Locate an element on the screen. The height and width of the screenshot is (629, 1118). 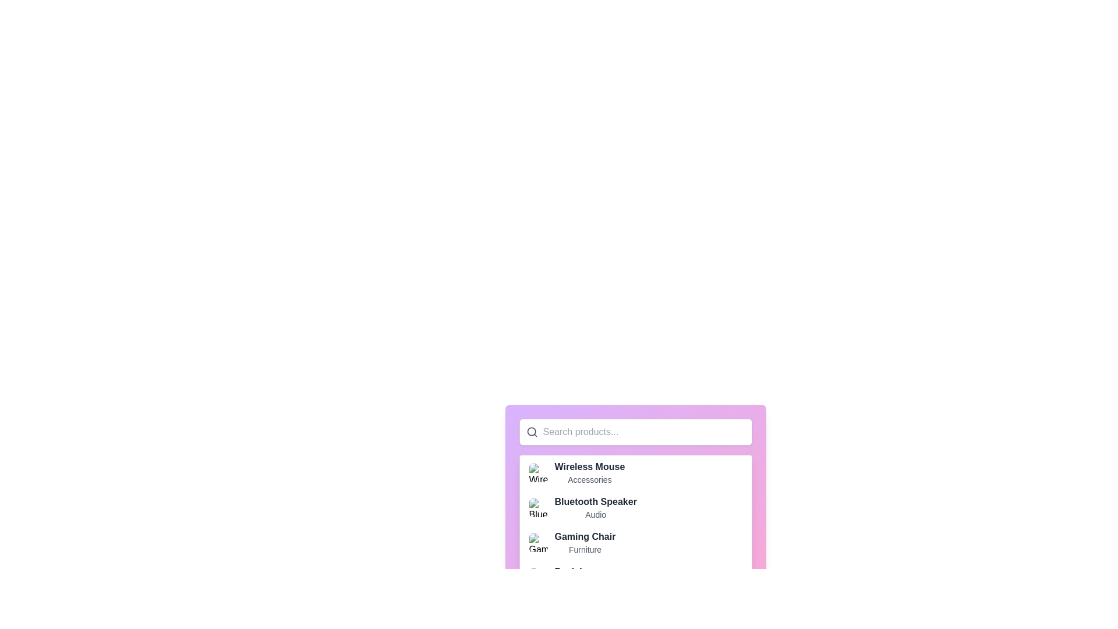
the second item in the list, labeled 'Bluetooth Speaker' is located at coordinates (635, 506).